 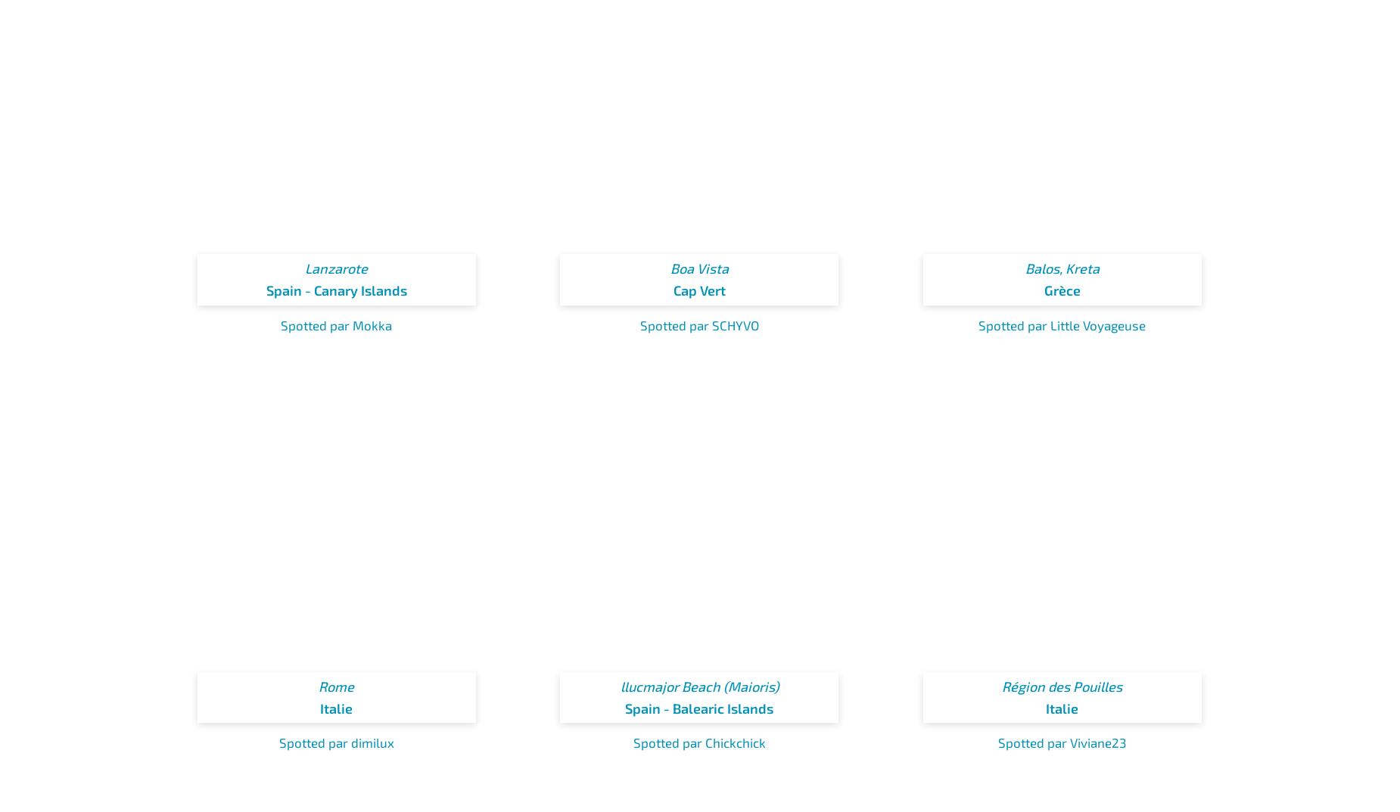 I want to click on 'Grèce', so click(x=1062, y=290).